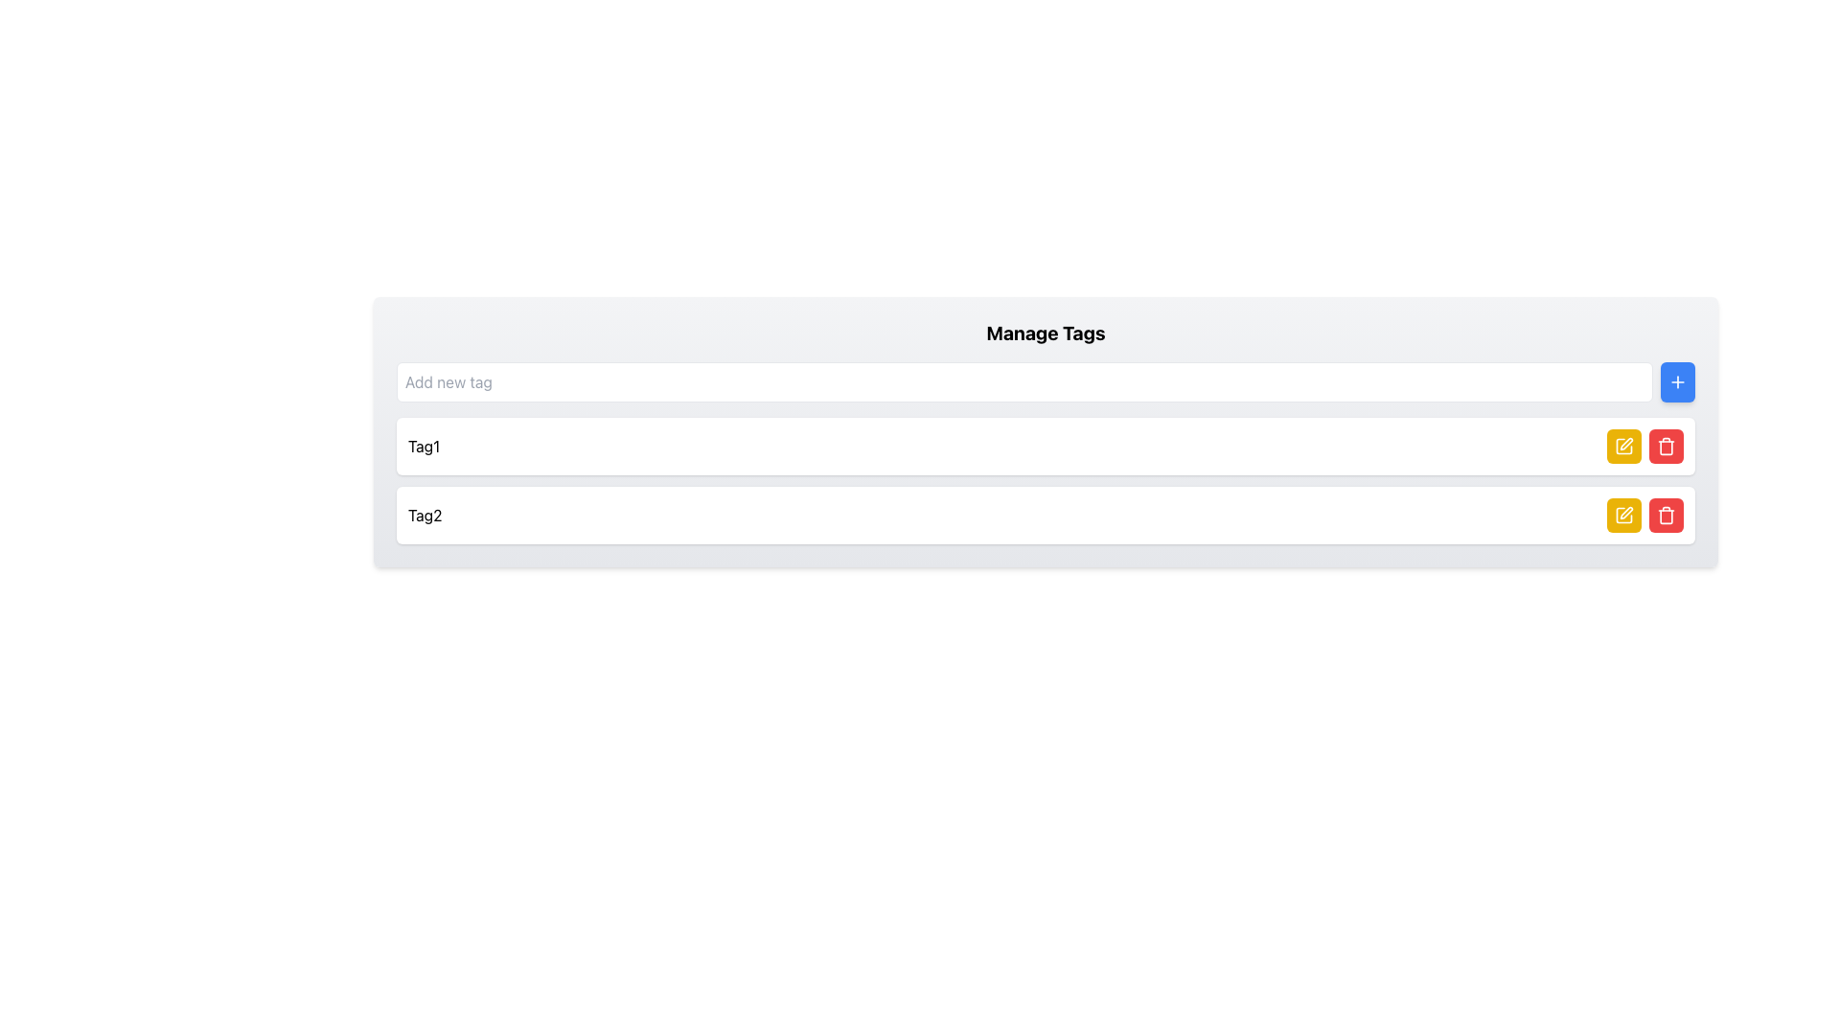  Describe the element at coordinates (1665, 447) in the screenshot. I see `the delete icon, which is represented by a trash can design and is located inside a button with a red background, adjacent to a yellow edit icon on the far right of the second row in a list-like layout` at that location.